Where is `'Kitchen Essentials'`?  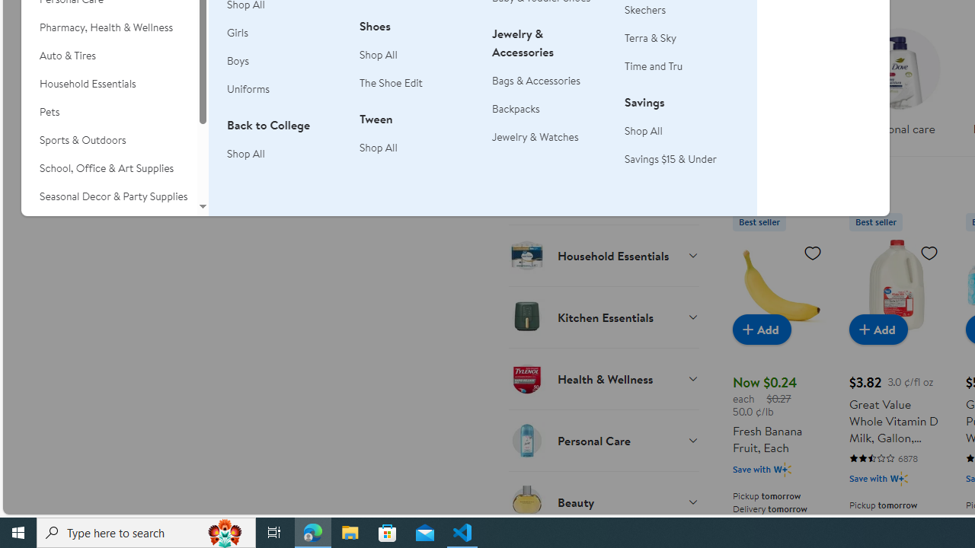 'Kitchen Essentials' is located at coordinates (603, 316).